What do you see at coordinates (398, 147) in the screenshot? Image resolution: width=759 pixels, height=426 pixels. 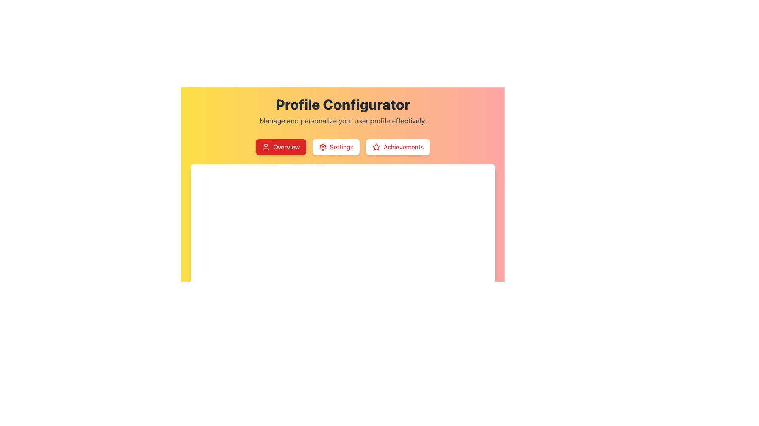 I see `the 'Achievements' button, which is a rectangular button with a white background, red star icon, and red text, located in the upper section of the interface below 'Profile Configurator'` at bounding box center [398, 147].